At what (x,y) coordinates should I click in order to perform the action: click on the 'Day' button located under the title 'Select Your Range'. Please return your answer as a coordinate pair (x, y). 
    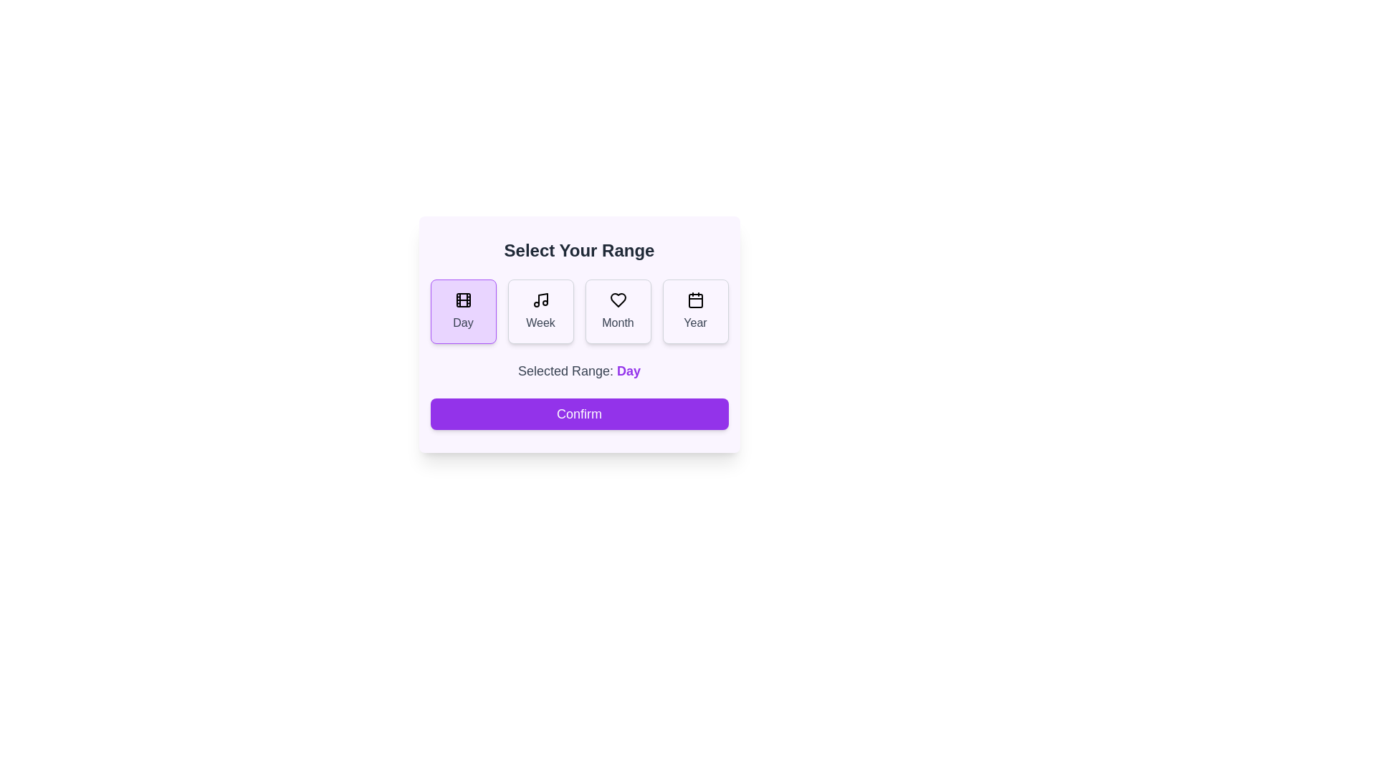
    Looking at the image, I should click on (463, 311).